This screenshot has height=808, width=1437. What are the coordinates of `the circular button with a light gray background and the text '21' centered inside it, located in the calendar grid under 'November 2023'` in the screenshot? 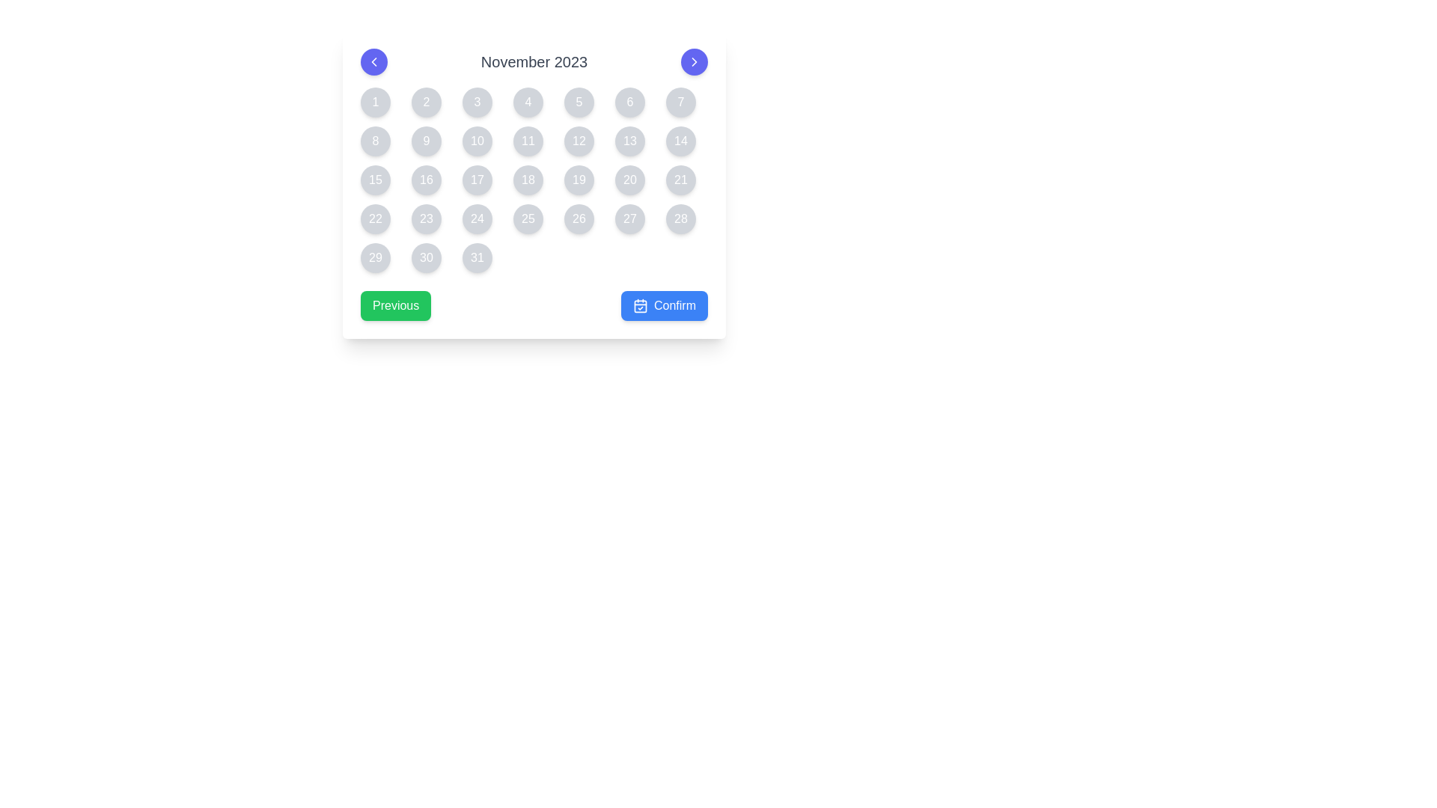 It's located at (680, 179).